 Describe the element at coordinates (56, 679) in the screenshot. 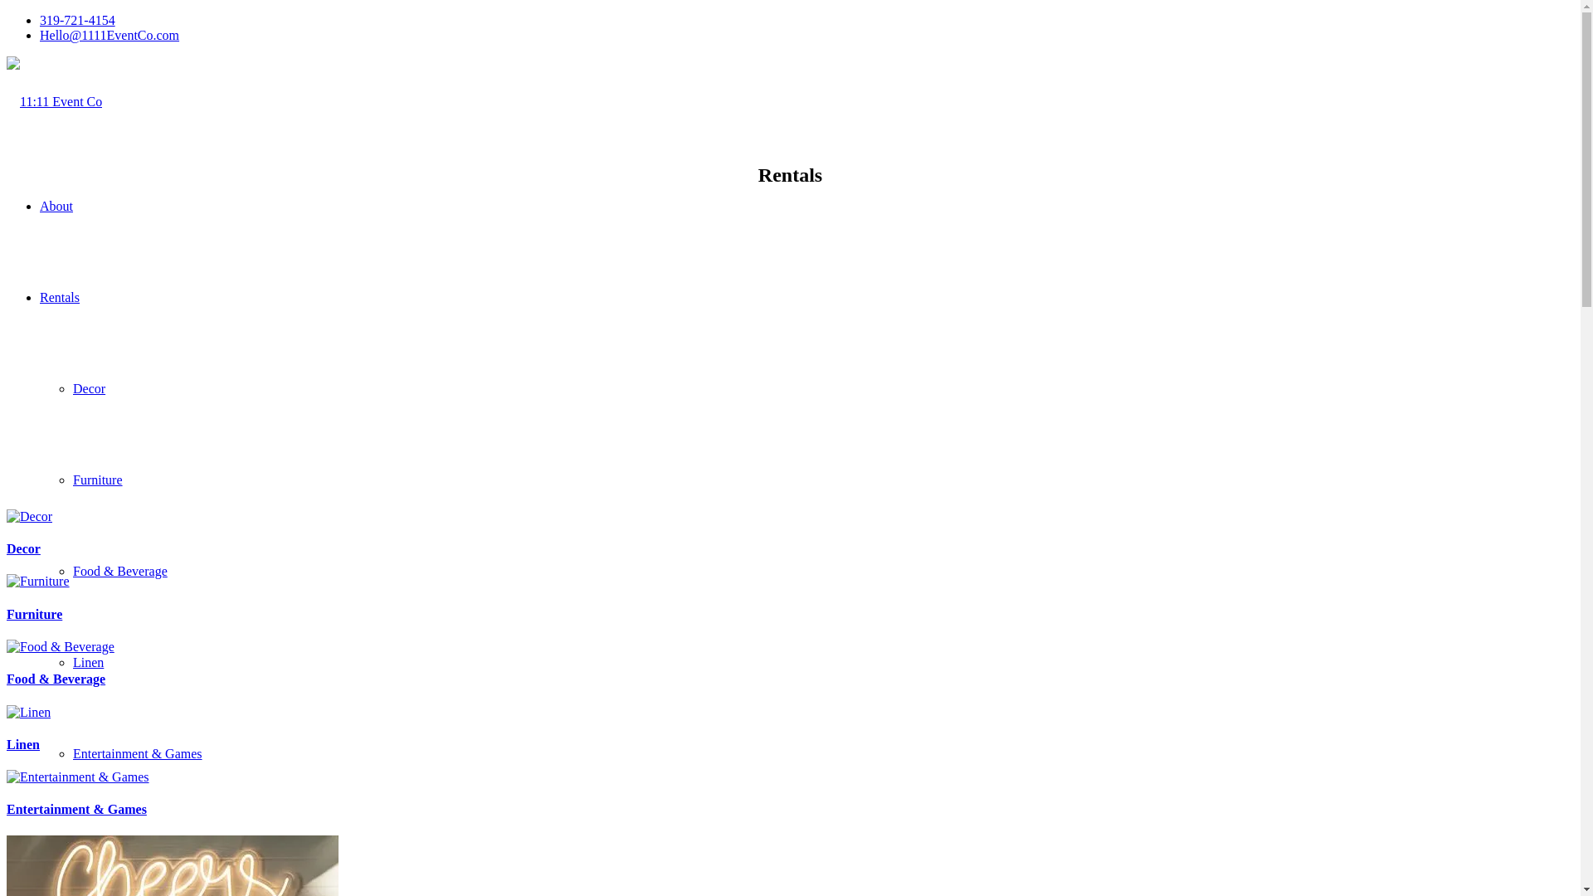

I see `'Food & Beverage'` at that location.